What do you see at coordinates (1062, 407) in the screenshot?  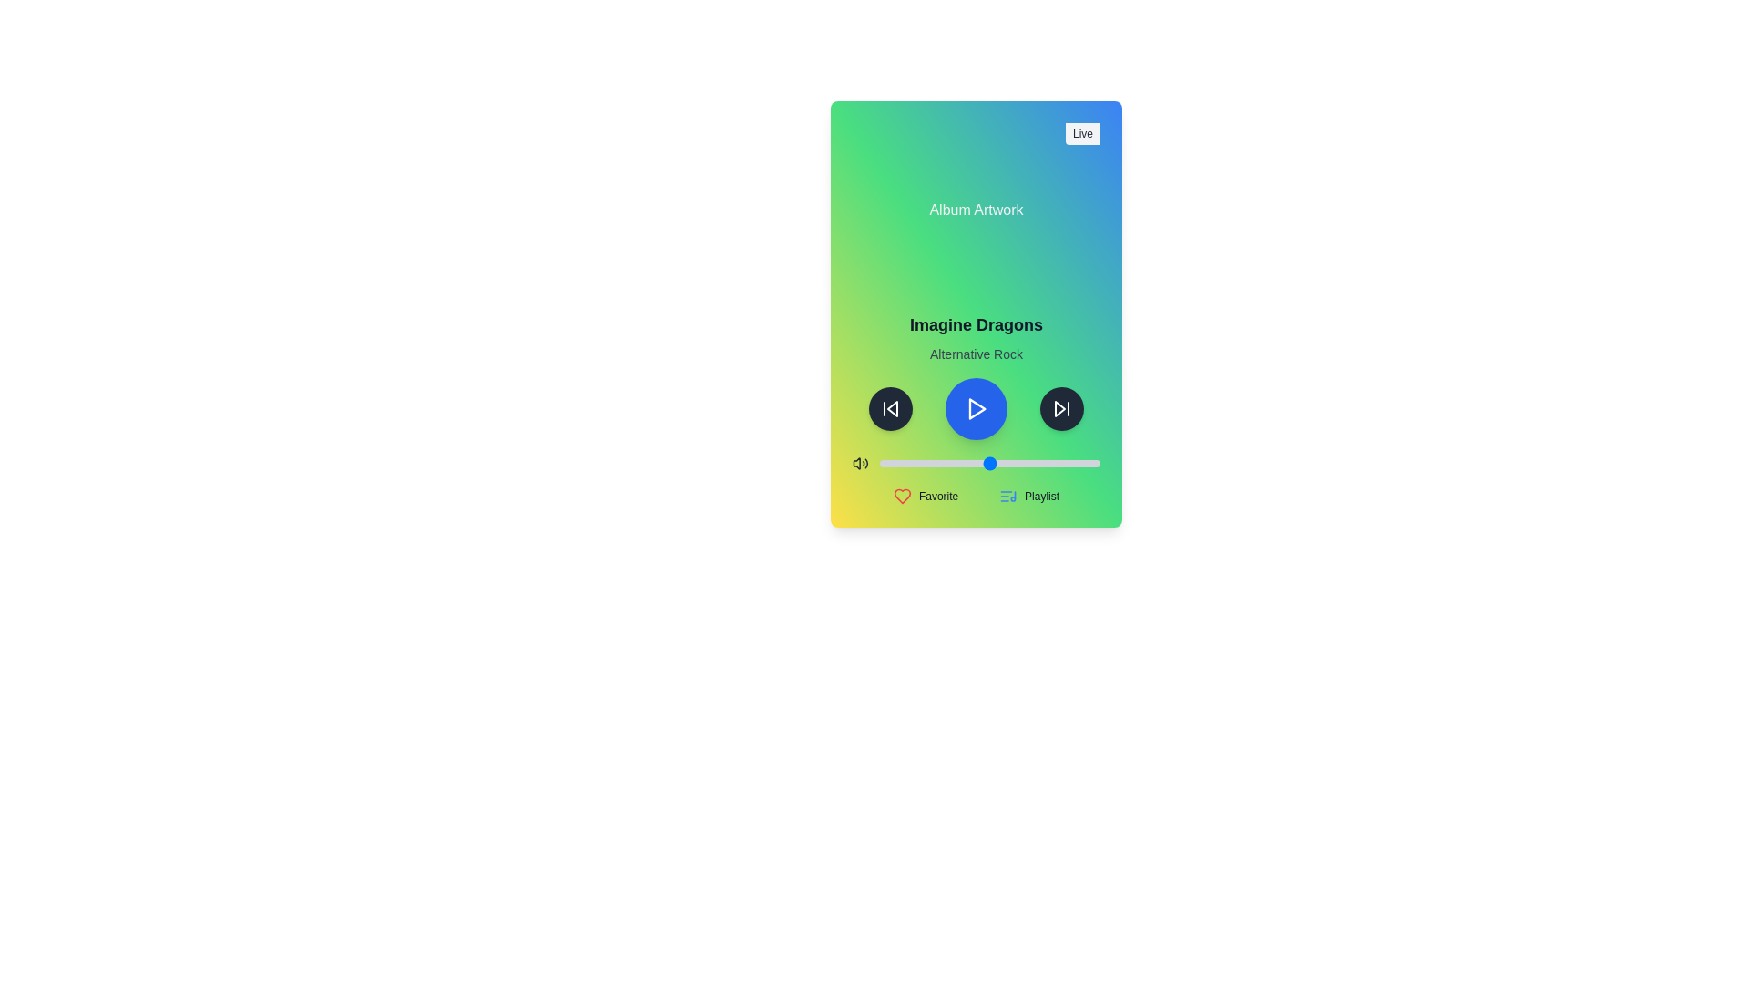 I see `the 'Skip Forward' button icon located at the rightmost position of the media control buttons to trigger hover effects` at bounding box center [1062, 407].